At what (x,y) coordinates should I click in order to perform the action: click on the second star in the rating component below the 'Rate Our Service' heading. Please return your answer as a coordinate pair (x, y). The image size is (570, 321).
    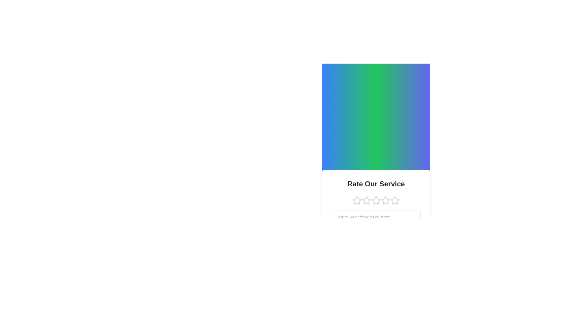
    Looking at the image, I should click on (376, 200).